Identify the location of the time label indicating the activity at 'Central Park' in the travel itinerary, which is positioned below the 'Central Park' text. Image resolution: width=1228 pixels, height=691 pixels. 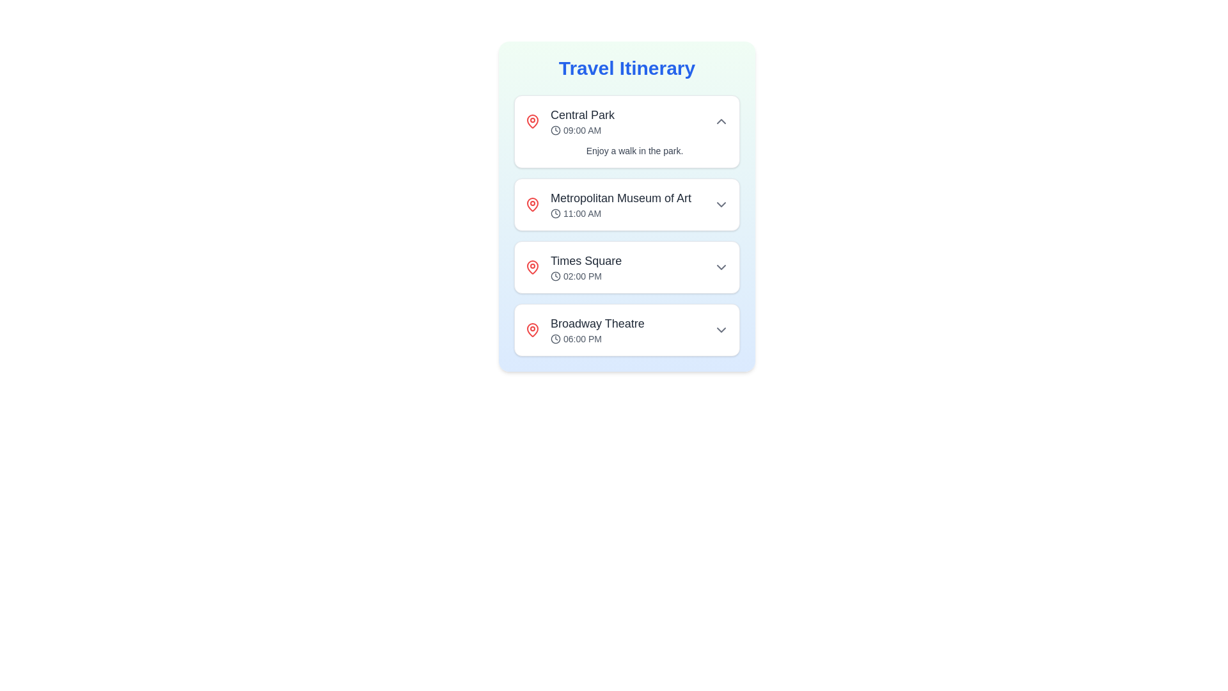
(582, 131).